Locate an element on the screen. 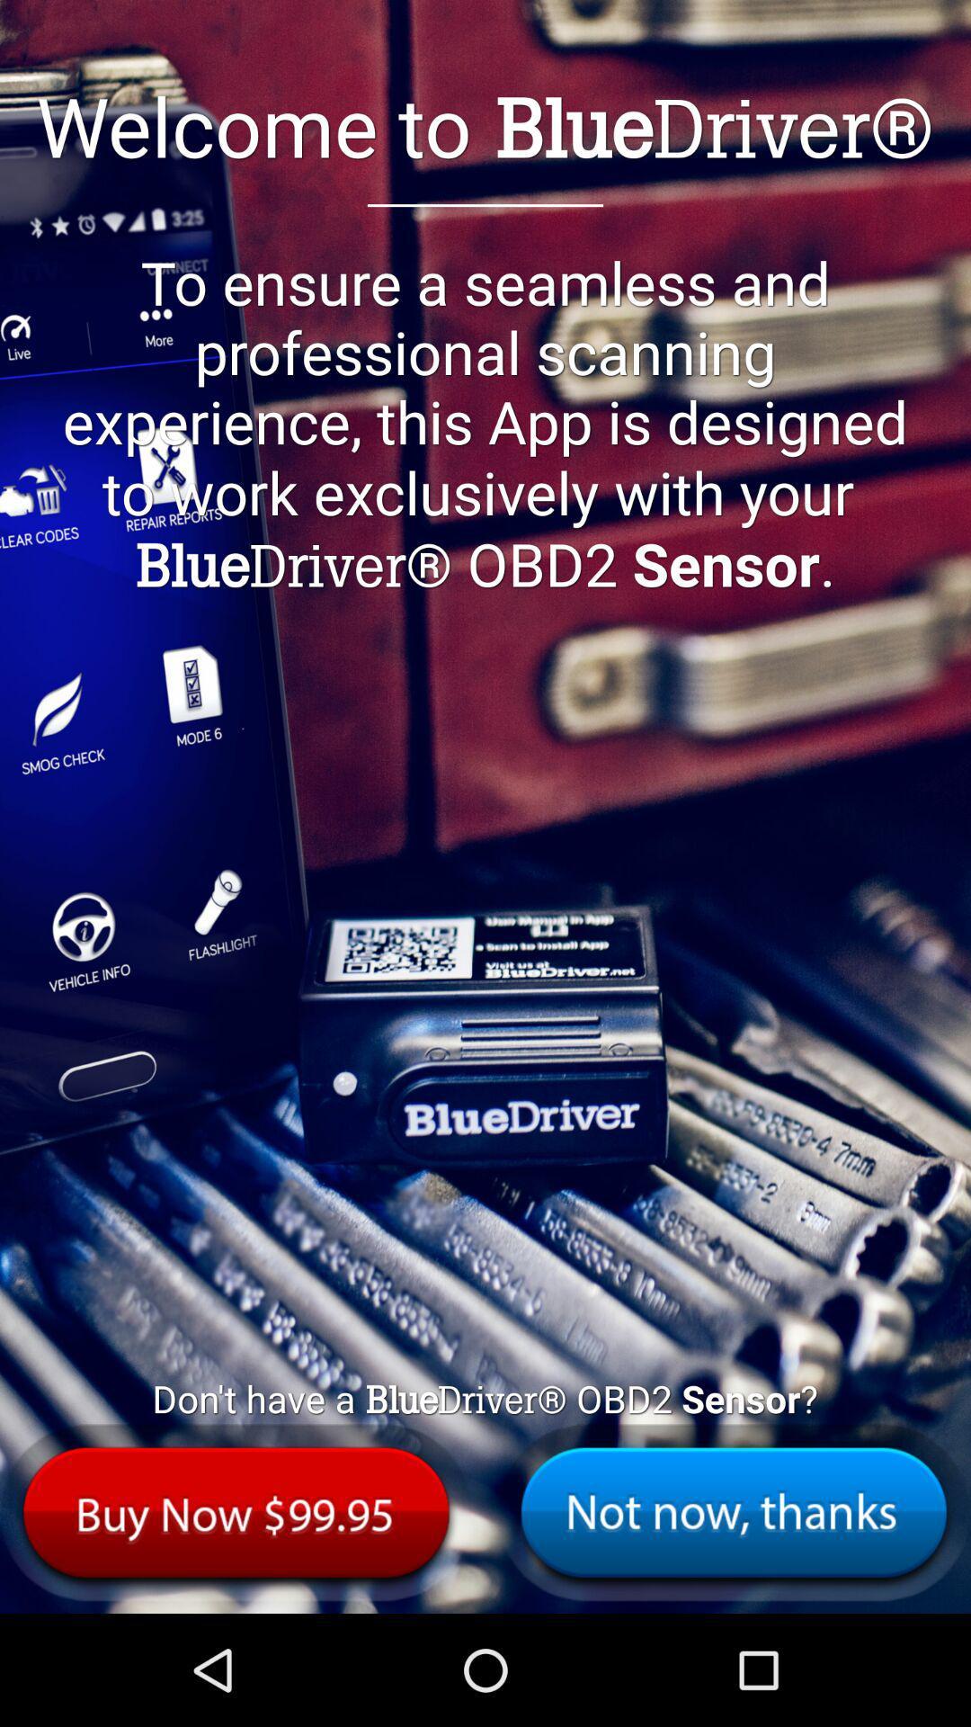  not now thanks is located at coordinates (734, 1511).